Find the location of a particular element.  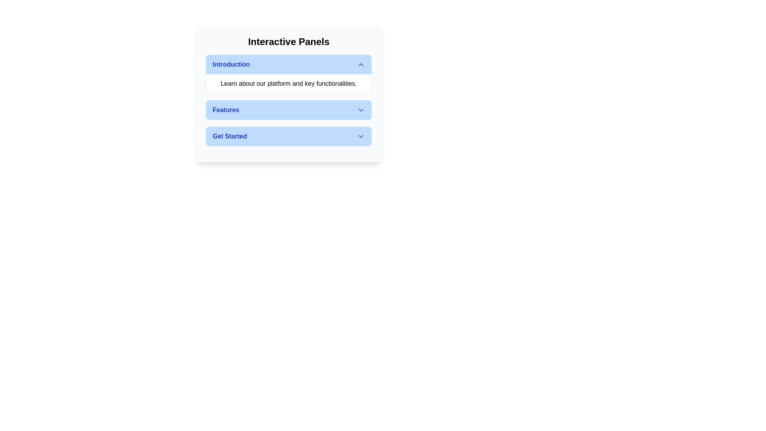

the 'Get Started' text label, which is styled in bold blue font on a light blue background, located on the left side of the third section of the interactive panel is located at coordinates (229, 136).